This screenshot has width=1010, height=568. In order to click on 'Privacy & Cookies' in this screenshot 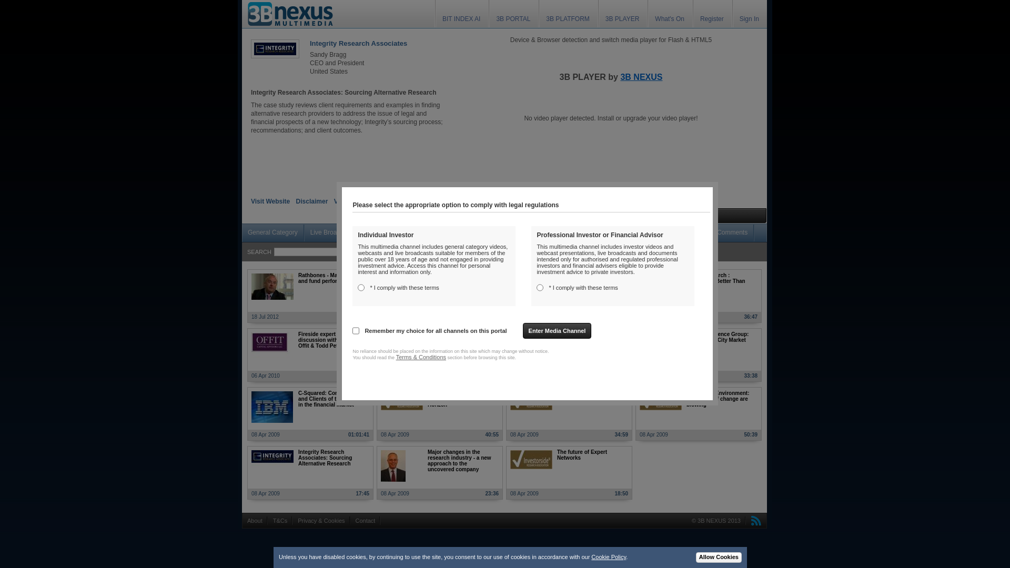, I will do `click(320, 521)`.